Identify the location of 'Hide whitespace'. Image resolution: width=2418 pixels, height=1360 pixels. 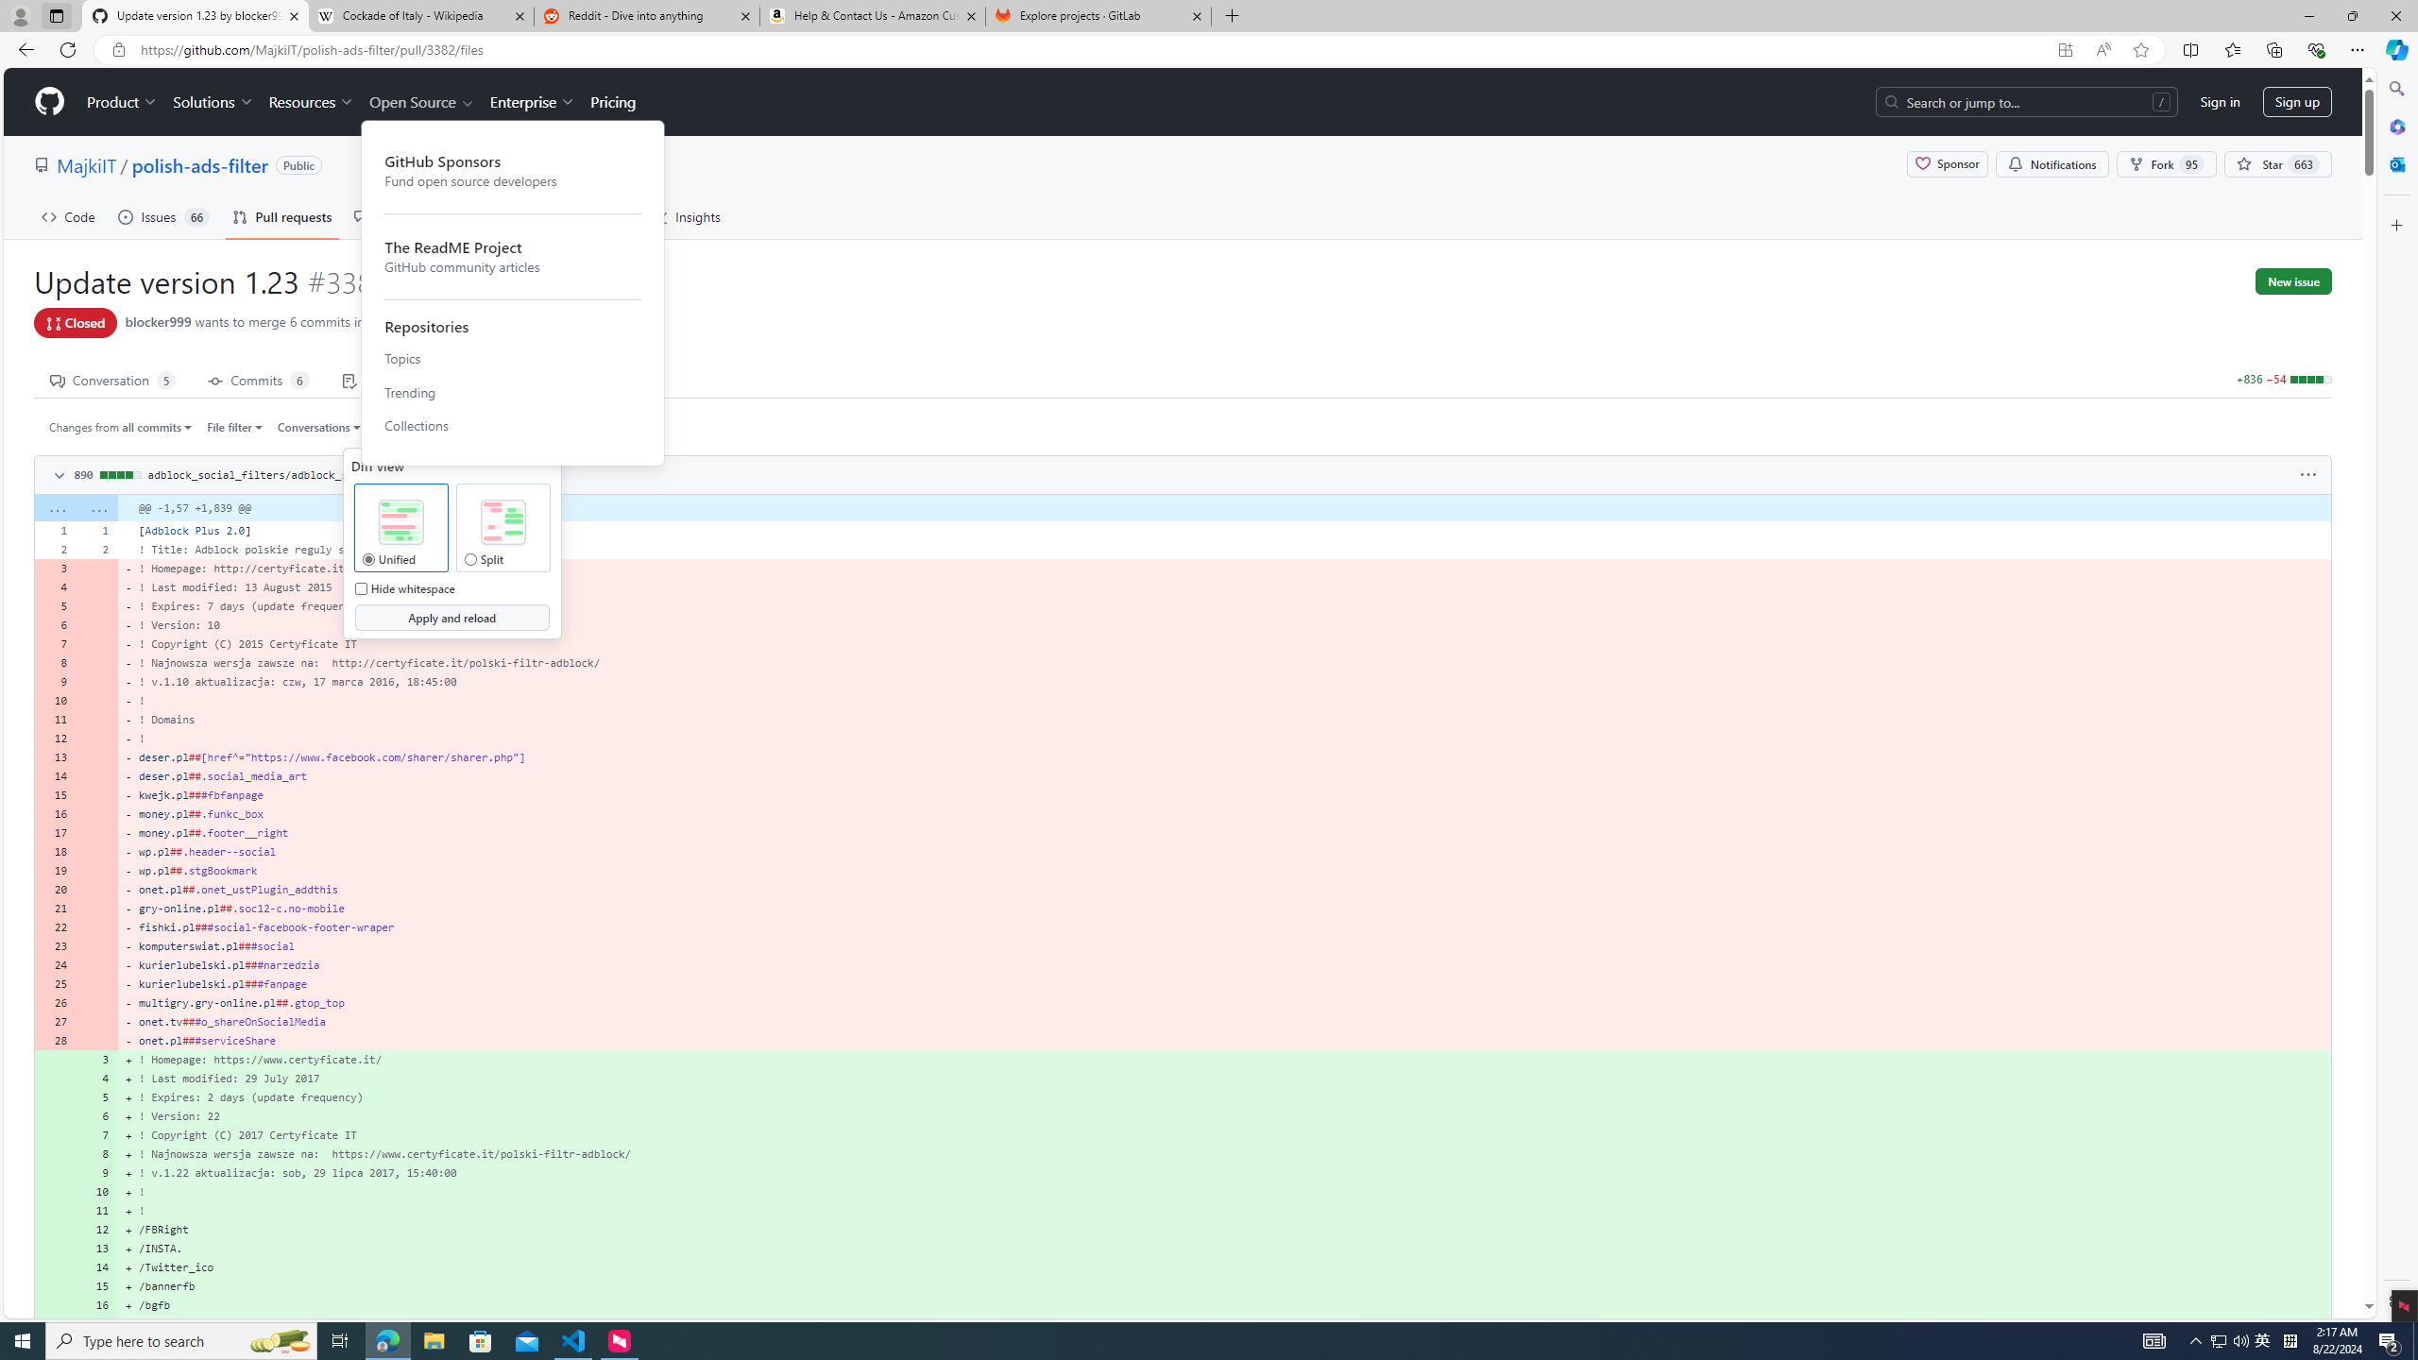
(359, 588).